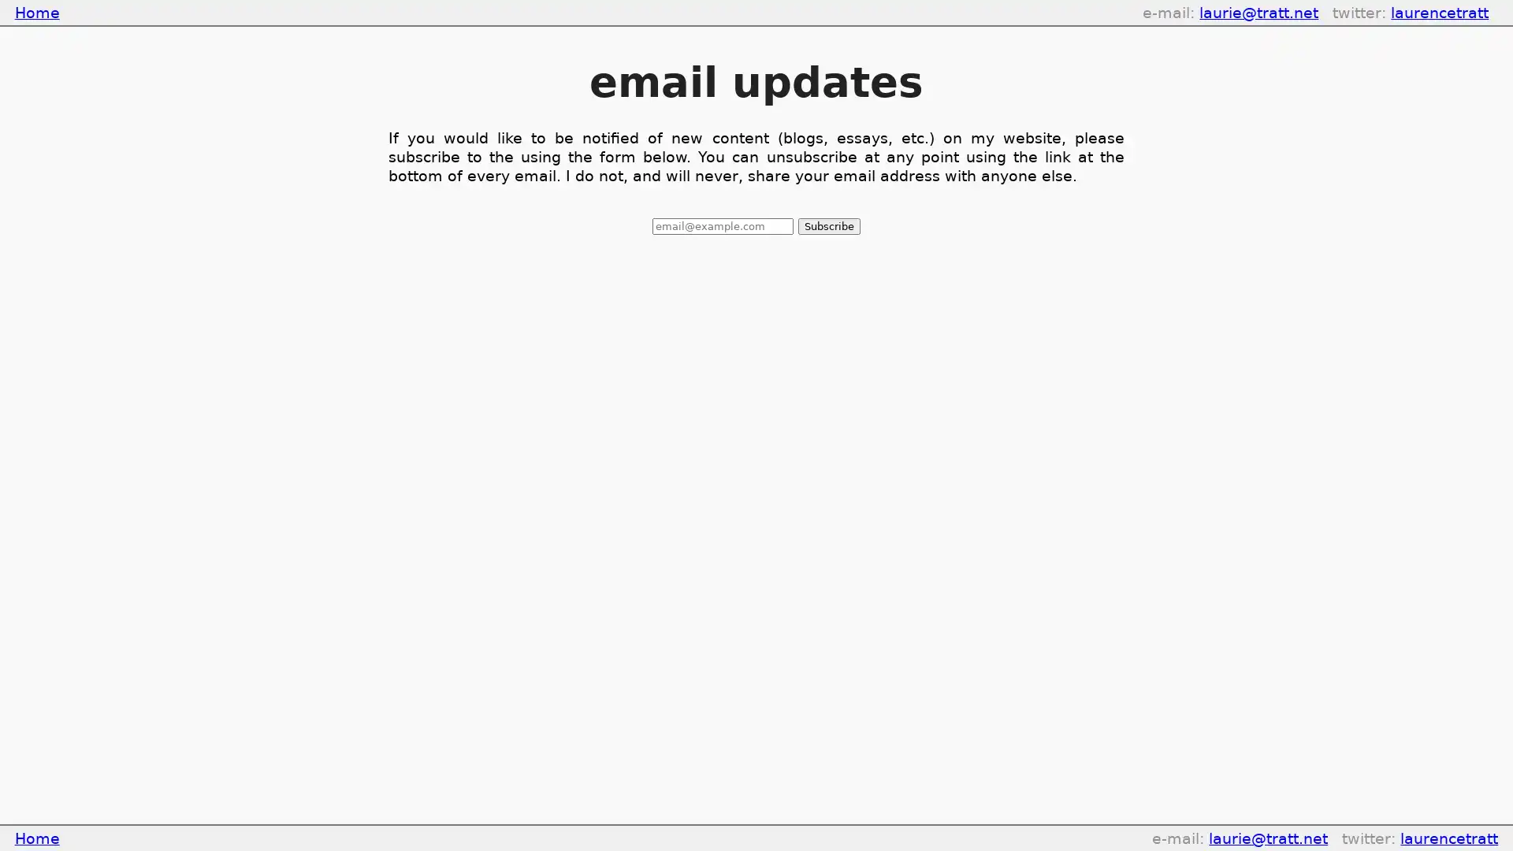 The height and width of the screenshot is (851, 1513). Describe the element at coordinates (827, 226) in the screenshot. I see `Subscribe` at that location.